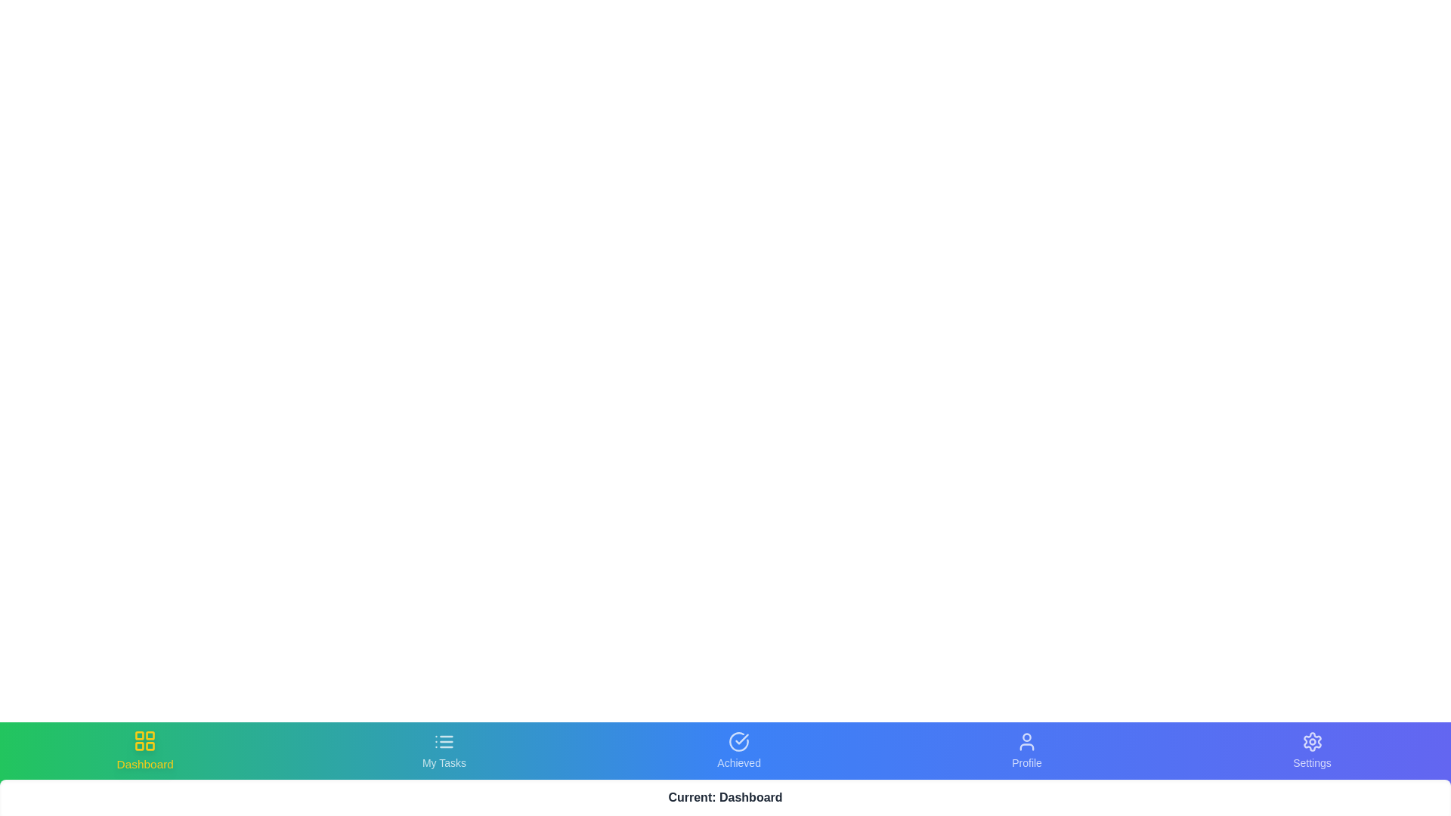 The height and width of the screenshot is (816, 1451). Describe the element at coordinates (1311, 751) in the screenshot. I see `the Settings tab in the bottom navigation bar to switch views` at that location.